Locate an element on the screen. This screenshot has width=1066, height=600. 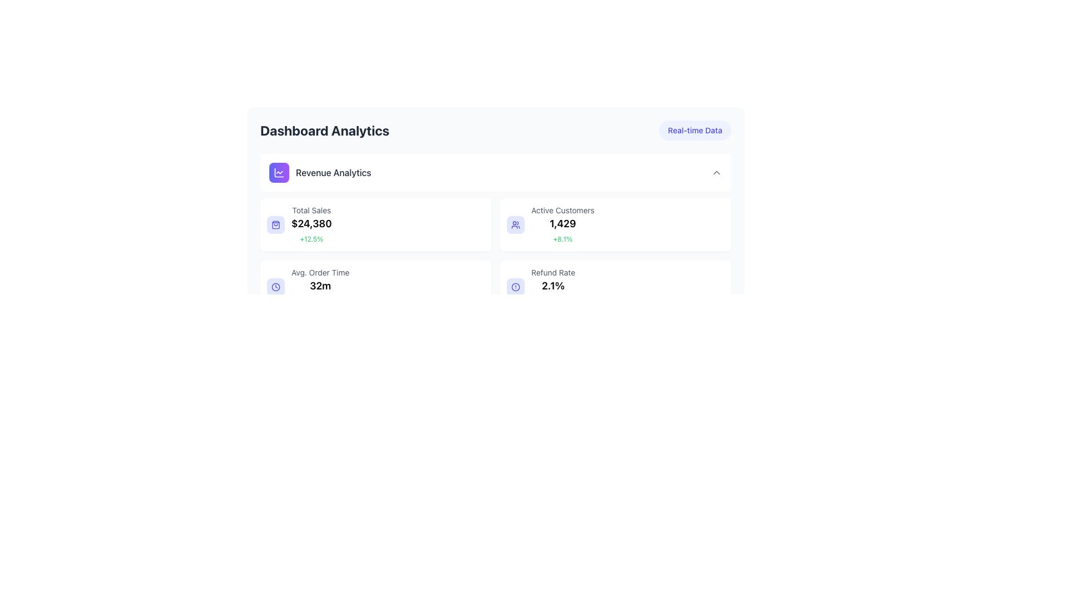
the metric card displaying total sales metrics located in the top-left quadrant below the 'Revenue Analytics' heading for more information is located at coordinates (311, 225).